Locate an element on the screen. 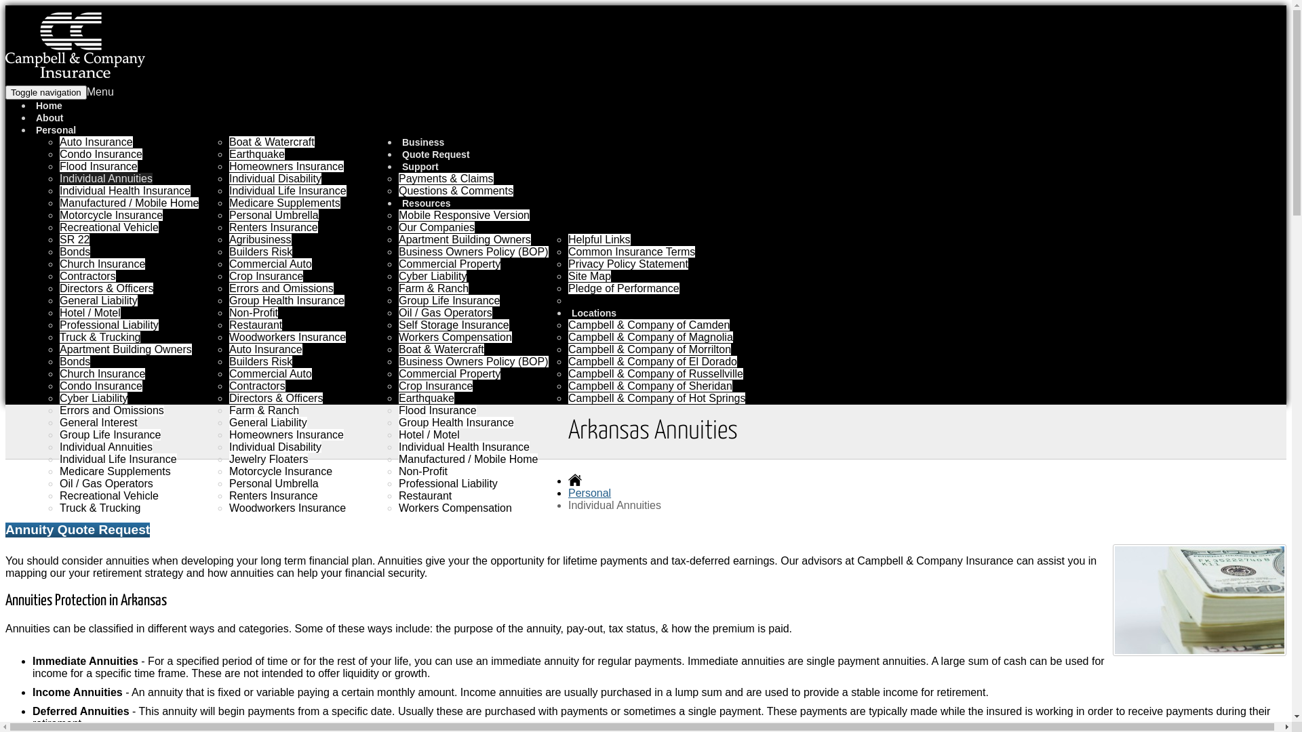 The image size is (1302, 732). 'Oil / Gas Operators' is located at coordinates (106, 483).